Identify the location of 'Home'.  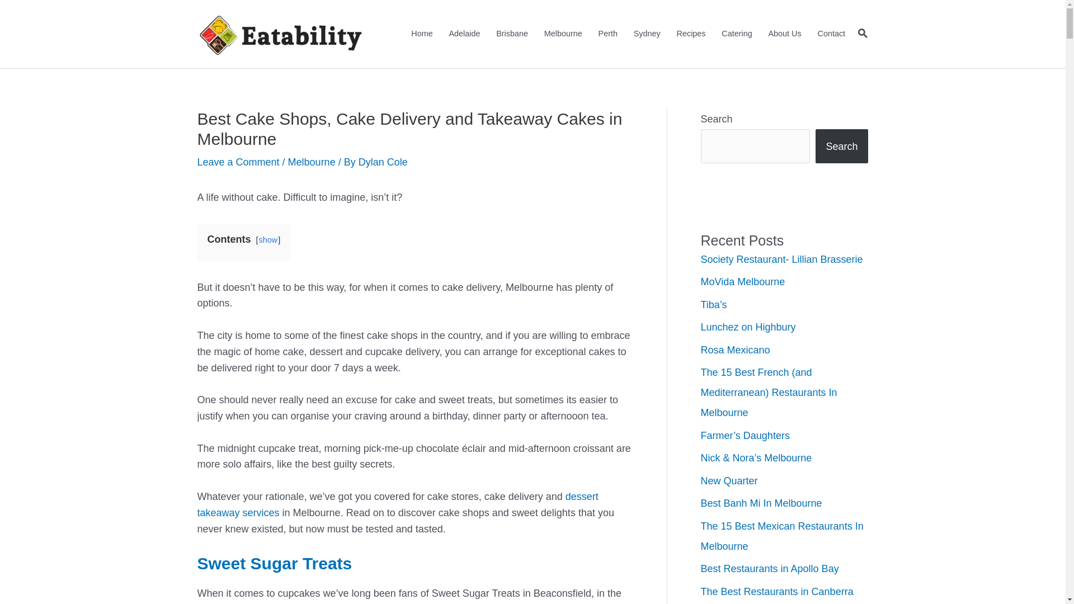
(421, 34).